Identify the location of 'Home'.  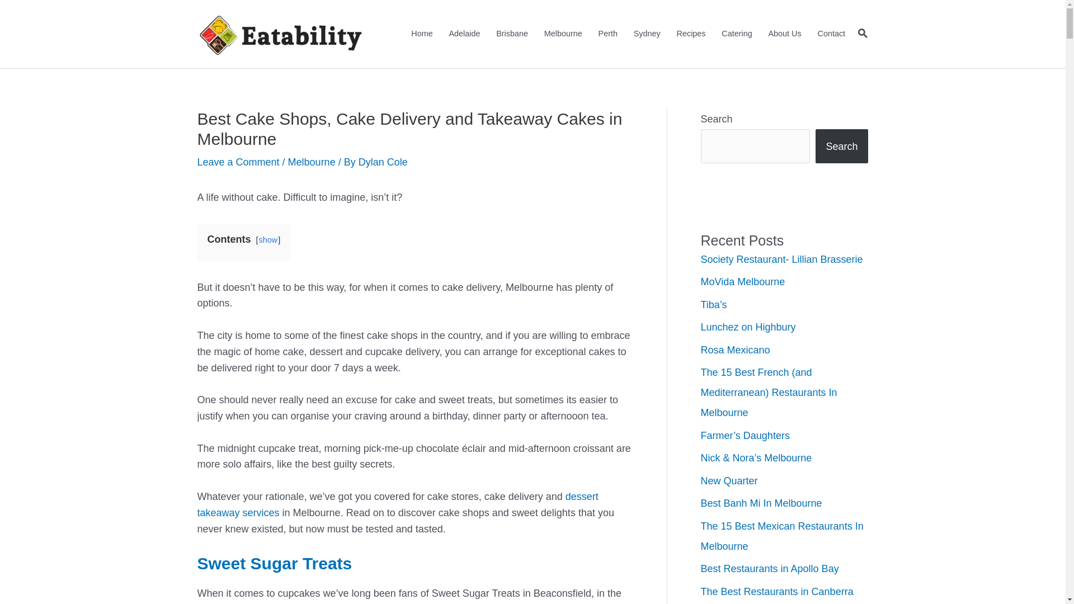
(421, 34).